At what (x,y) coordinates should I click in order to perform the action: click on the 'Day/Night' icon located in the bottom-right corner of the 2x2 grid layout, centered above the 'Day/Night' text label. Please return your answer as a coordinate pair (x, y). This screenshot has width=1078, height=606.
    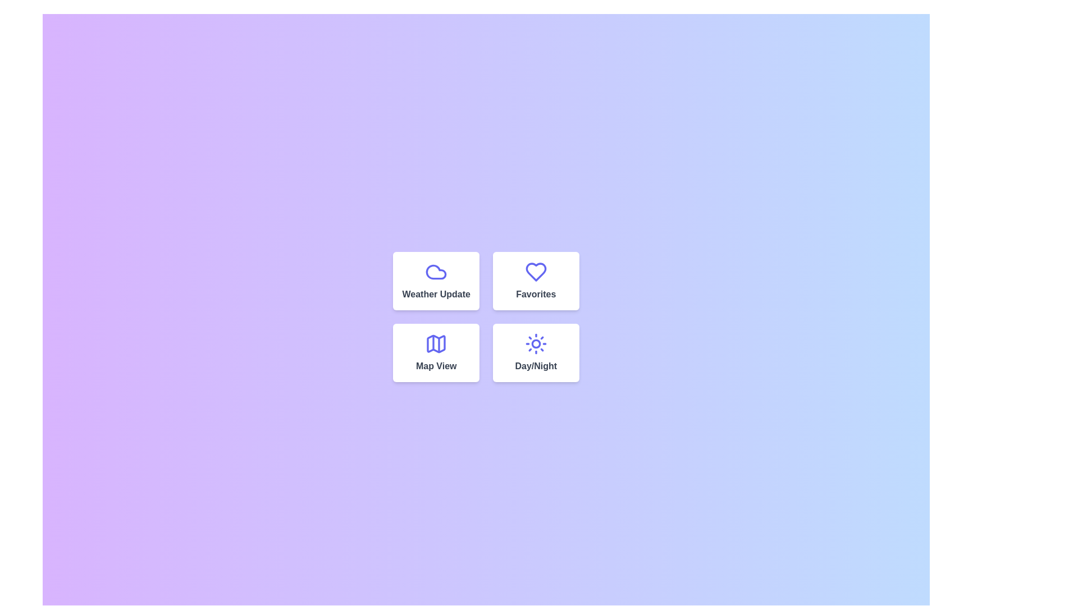
    Looking at the image, I should click on (535, 343).